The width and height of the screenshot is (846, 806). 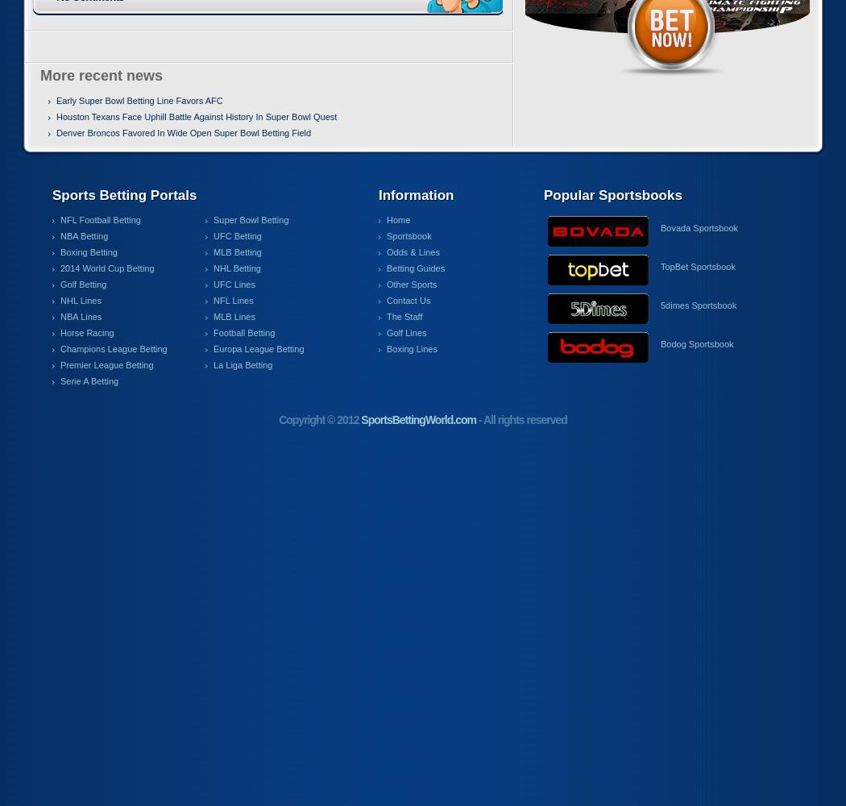 What do you see at coordinates (197, 117) in the screenshot?
I see `'Houston Texans Face Uphill Battle Against History In Super Bowl Quest'` at bounding box center [197, 117].